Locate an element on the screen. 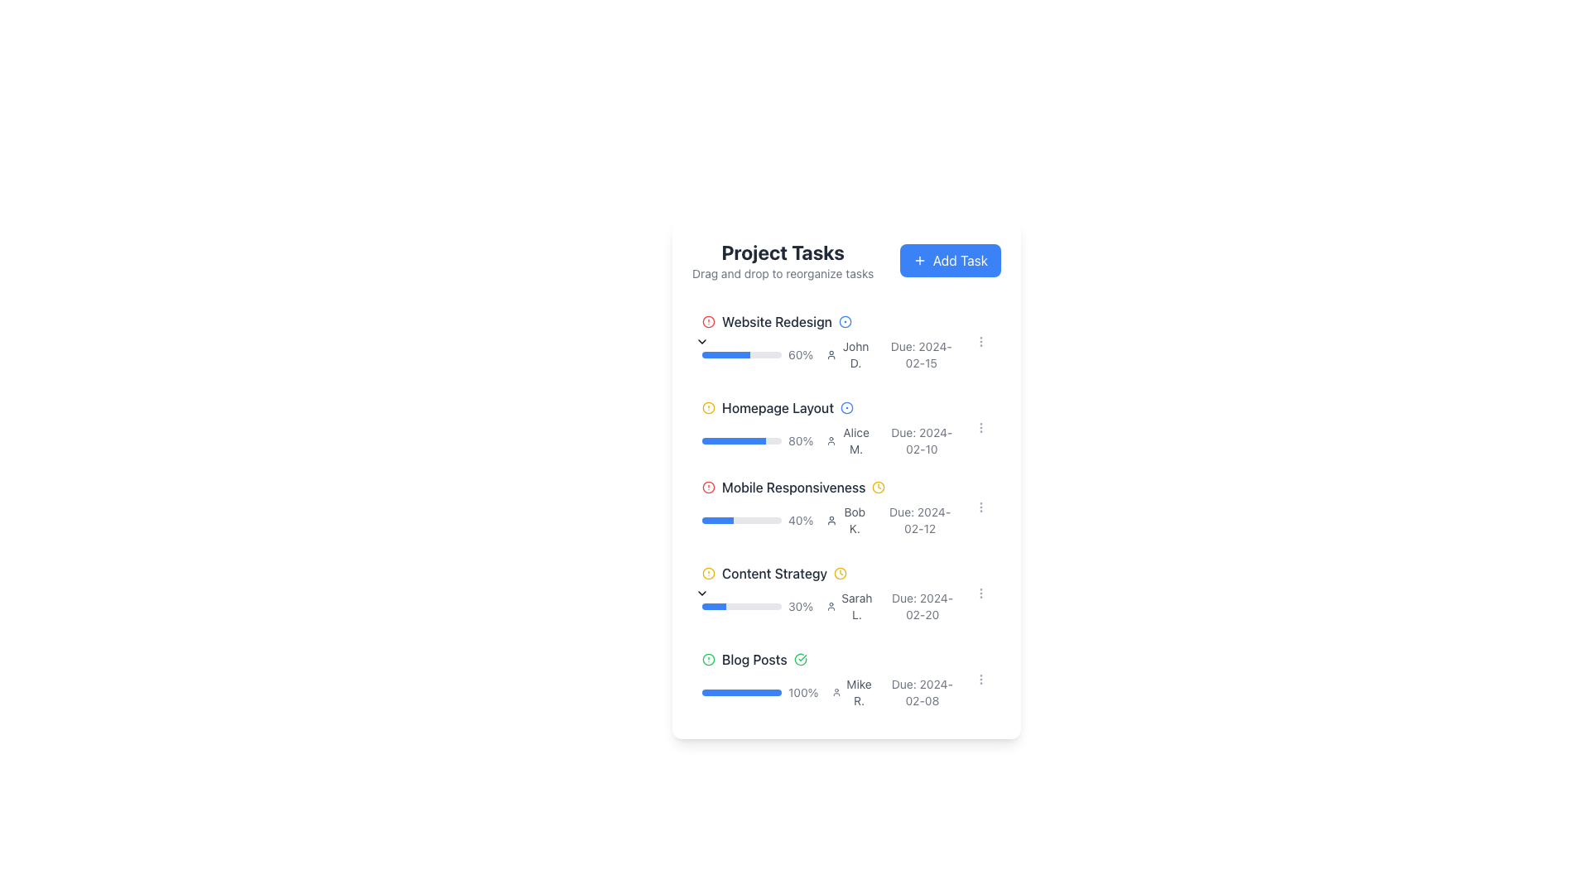  the small circular Status Indicator icon with a blue outline and filled blue dot, which is positioned to the right of the text 'Website Redesign' is located at coordinates (845, 322).